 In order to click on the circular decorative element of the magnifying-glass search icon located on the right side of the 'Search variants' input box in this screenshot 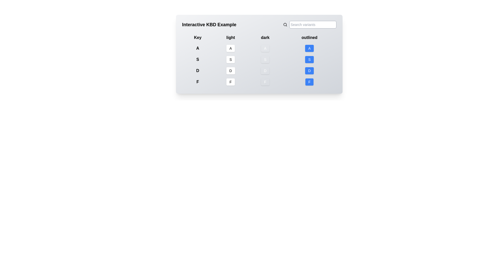, I will do `click(285, 24)`.